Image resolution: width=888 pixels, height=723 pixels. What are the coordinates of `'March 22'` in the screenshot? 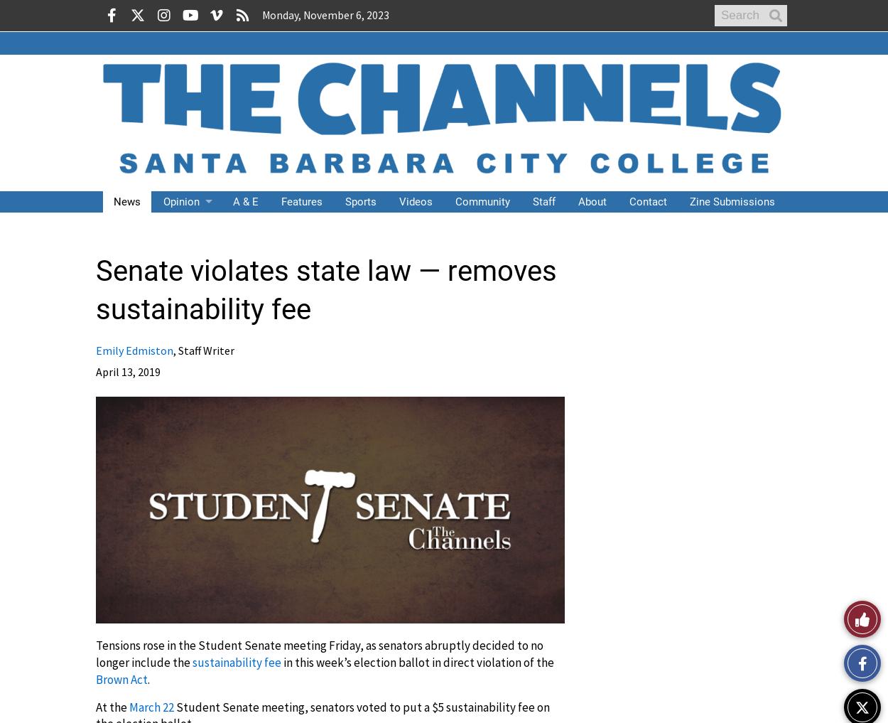 It's located at (151, 707).